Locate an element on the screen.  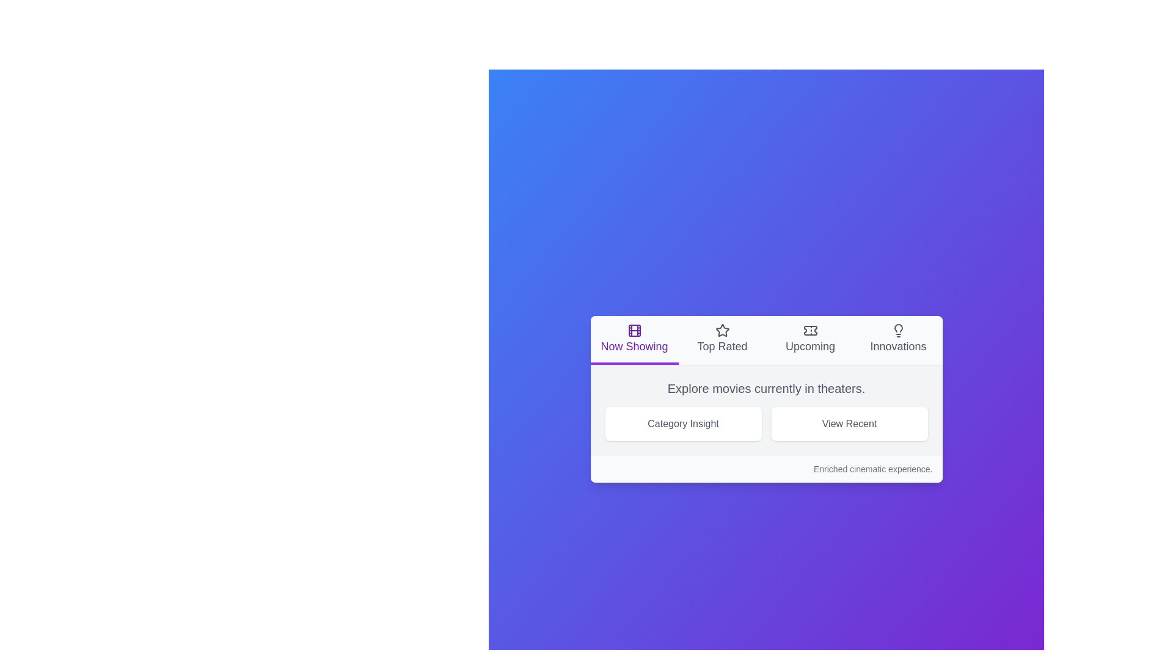
the 'Now Showing' text label located in the upper-left portion of the navigation bar by moving the mouse to its center point is located at coordinates (634, 346).